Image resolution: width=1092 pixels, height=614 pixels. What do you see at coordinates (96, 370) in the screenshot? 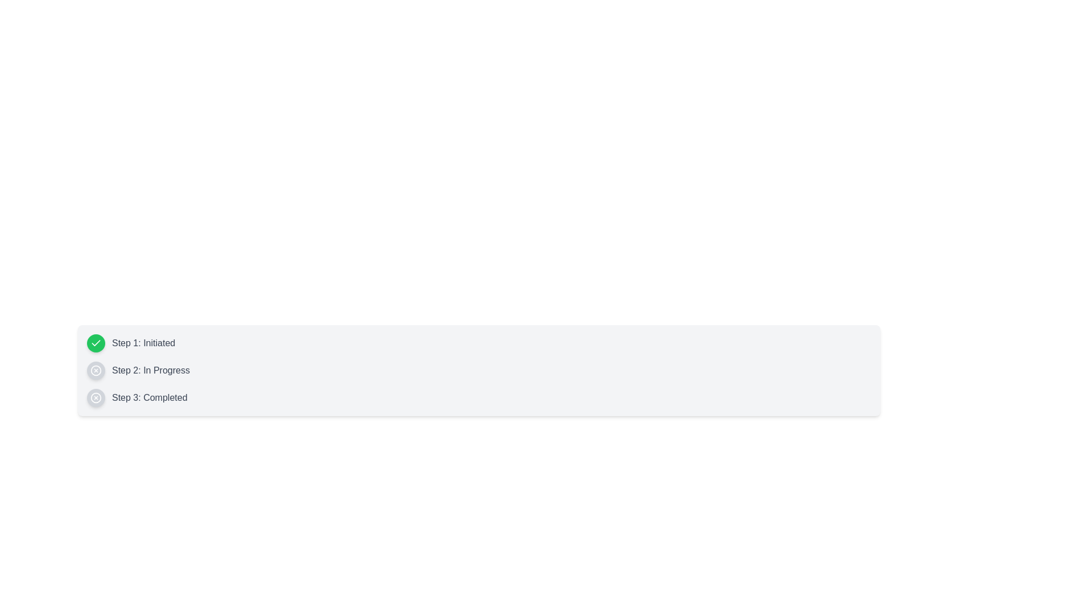
I see `the active status icon located in the second row of the vertical step indicator layout, which indicates that 'Step 2: In Progress'` at bounding box center [96, 370].